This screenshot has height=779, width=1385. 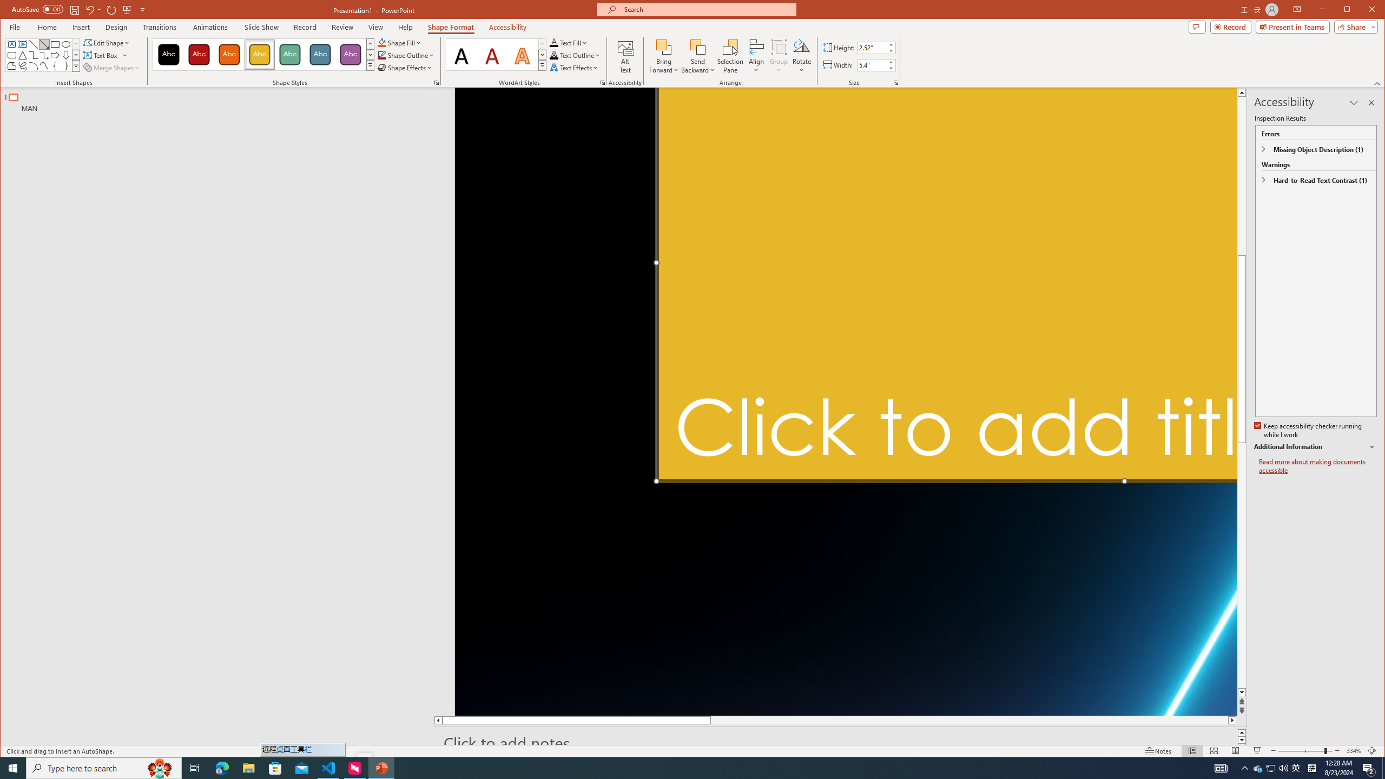 What do you see at coordinates (44, 55) in the screenshot?
I see `'Connector: Elbow Arrow'` at bounding box center [44, 55].